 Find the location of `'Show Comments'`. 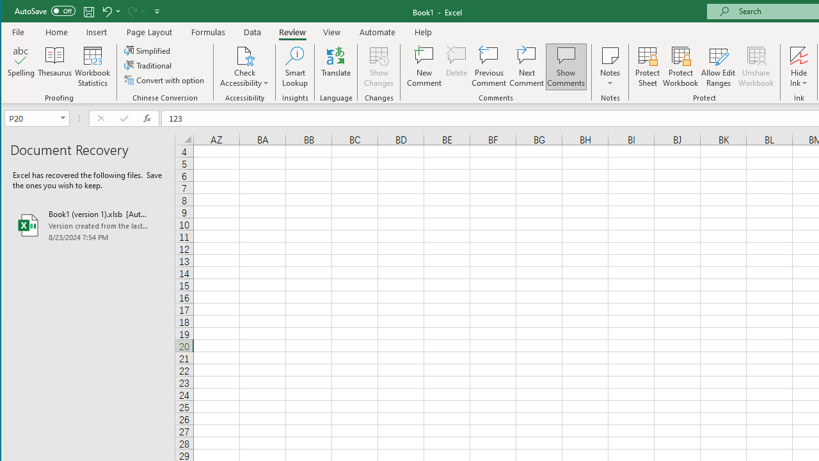

'Show Comments' is located at coordinates (565, 67).